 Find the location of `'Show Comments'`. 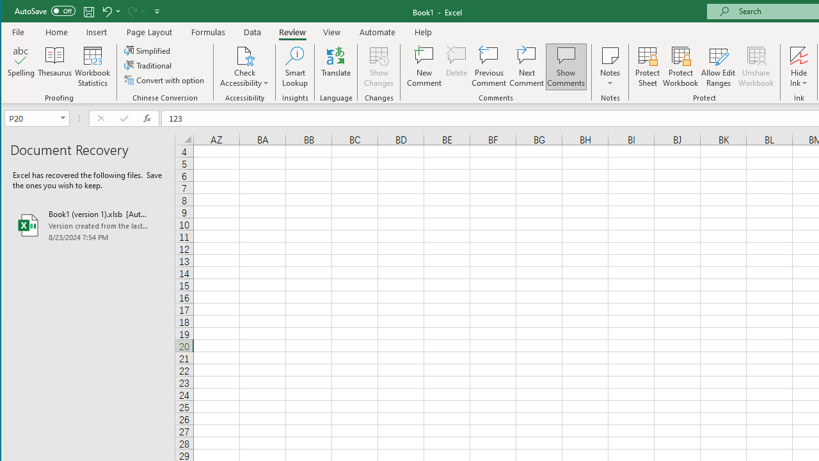

'Show Comments' is located at coordinates (565, 67).